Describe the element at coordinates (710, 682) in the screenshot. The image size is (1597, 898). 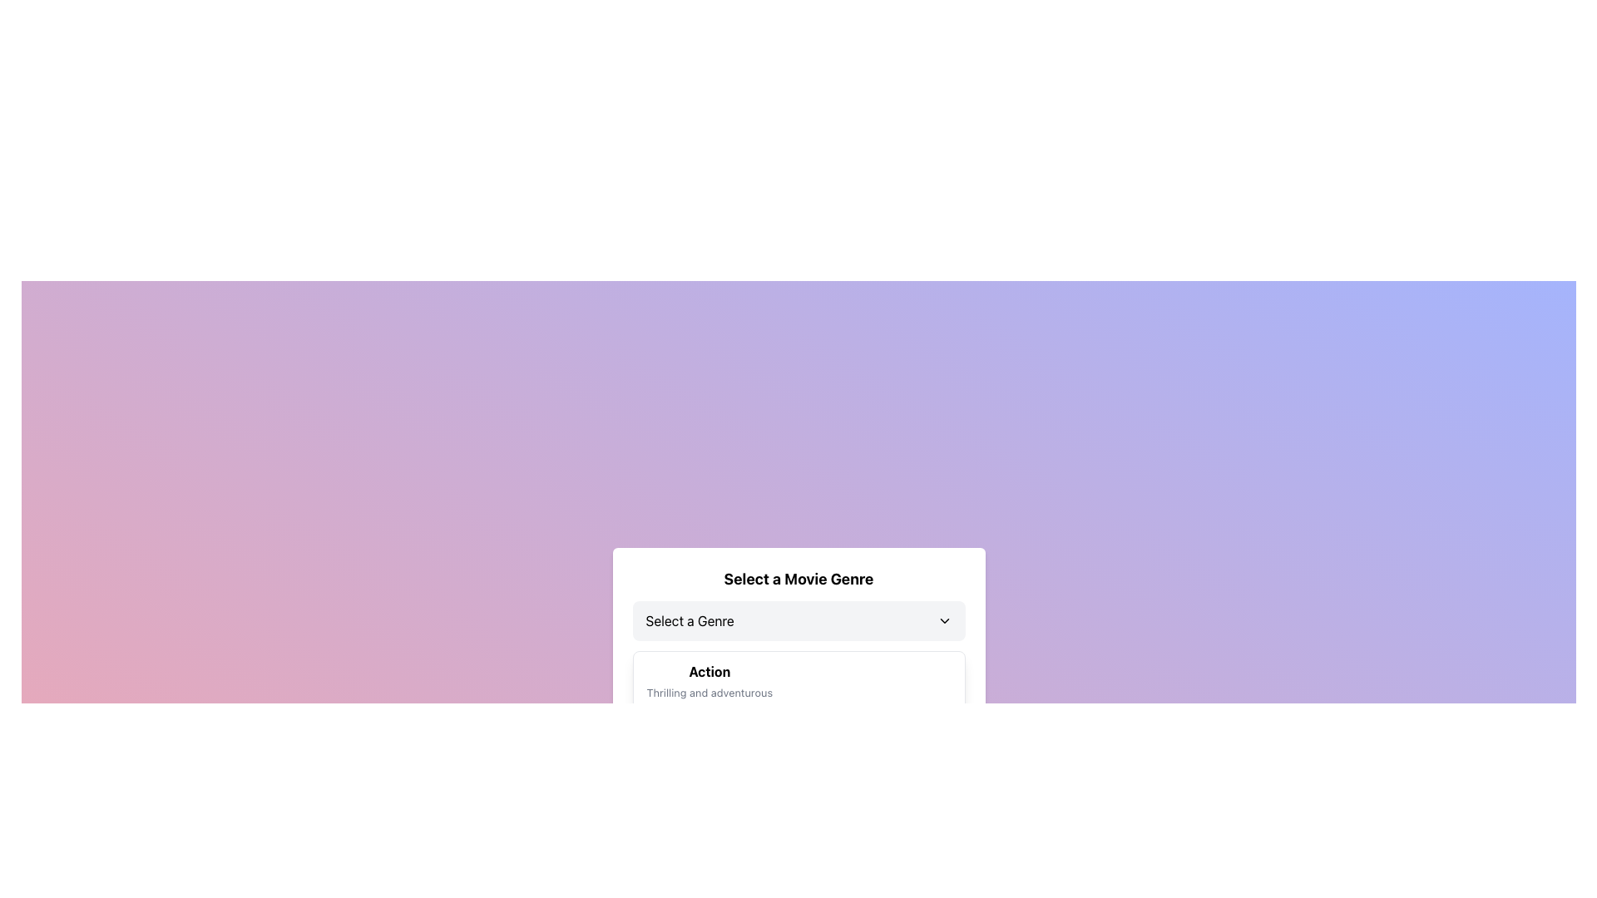
I see `the dropdown menu option for the genre 'Action' using keyboard navigation` at that location.